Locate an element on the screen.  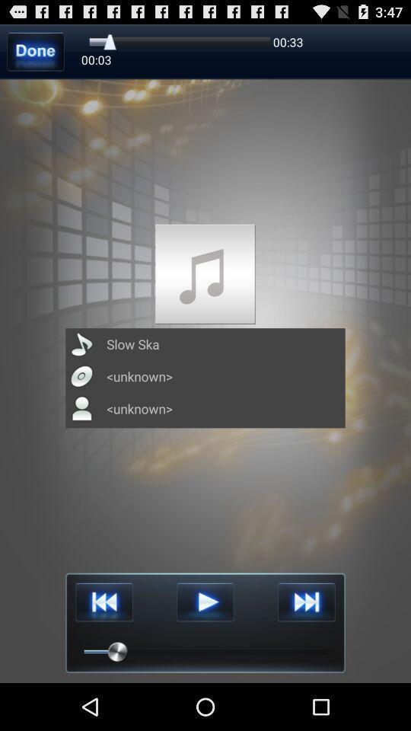
the av_rewind icon is located at coordinates (104, 643).